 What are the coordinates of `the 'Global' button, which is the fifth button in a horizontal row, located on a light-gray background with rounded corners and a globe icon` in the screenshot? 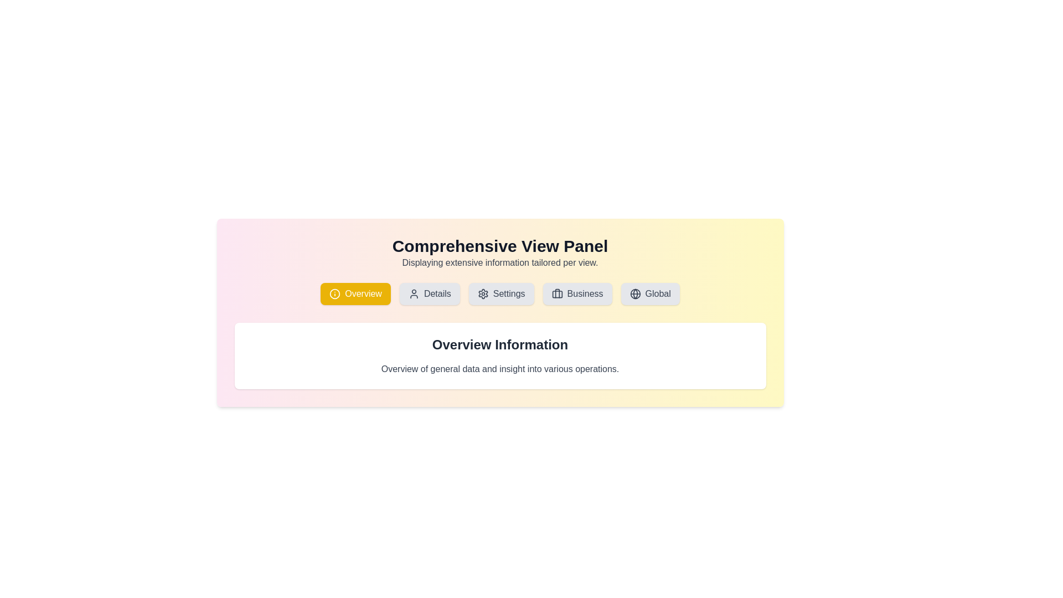 It's located at (650, 293).